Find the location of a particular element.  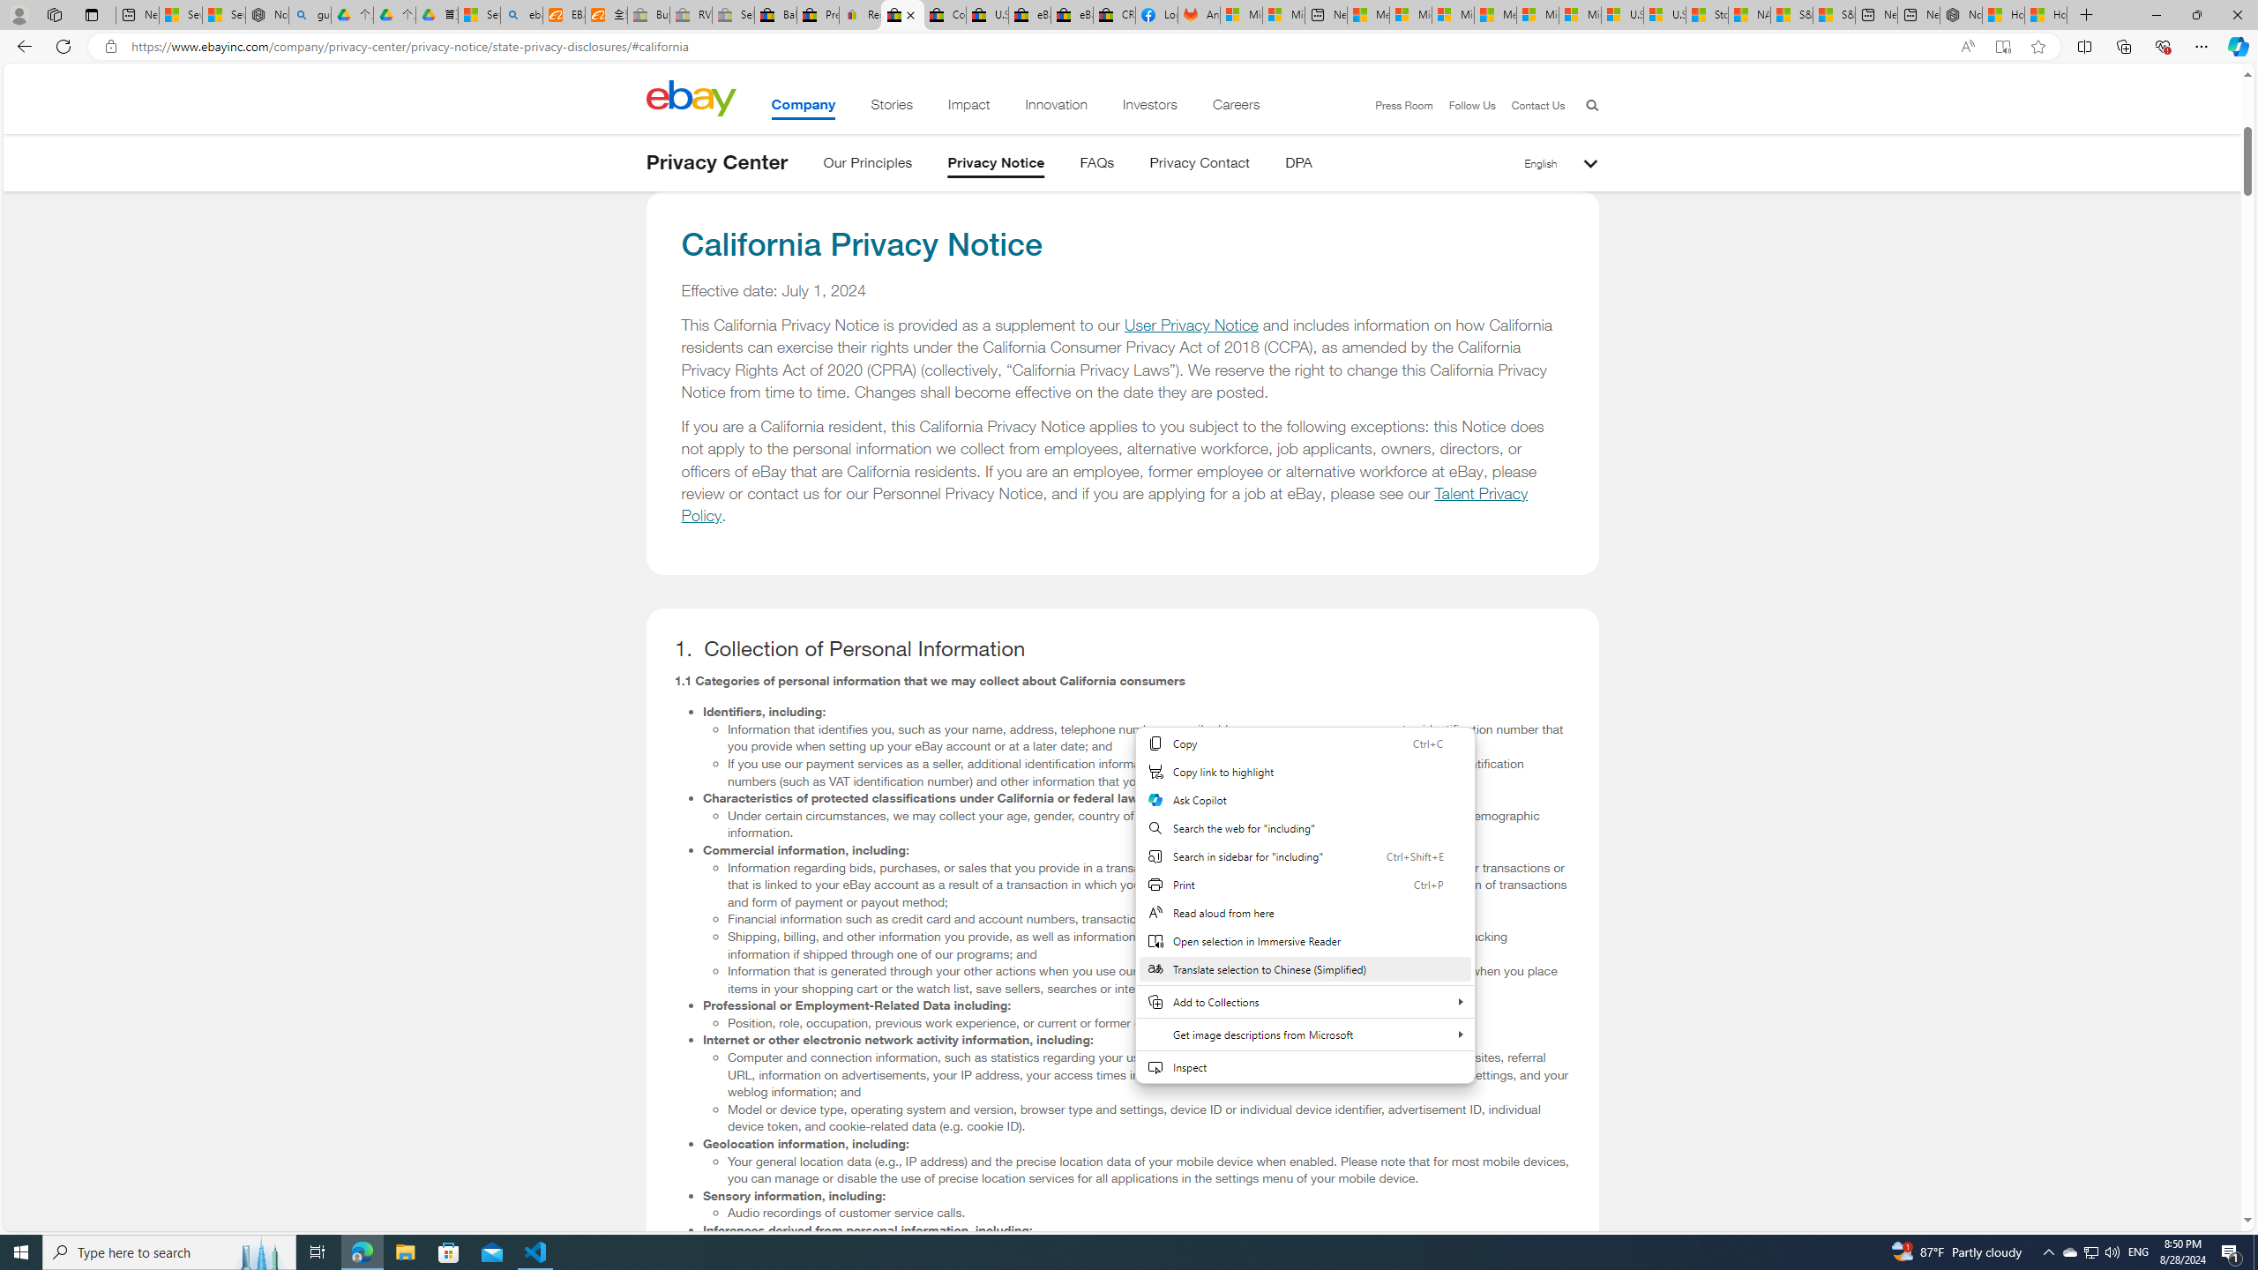

'Our Principles' is located at coordinates (866, 165).